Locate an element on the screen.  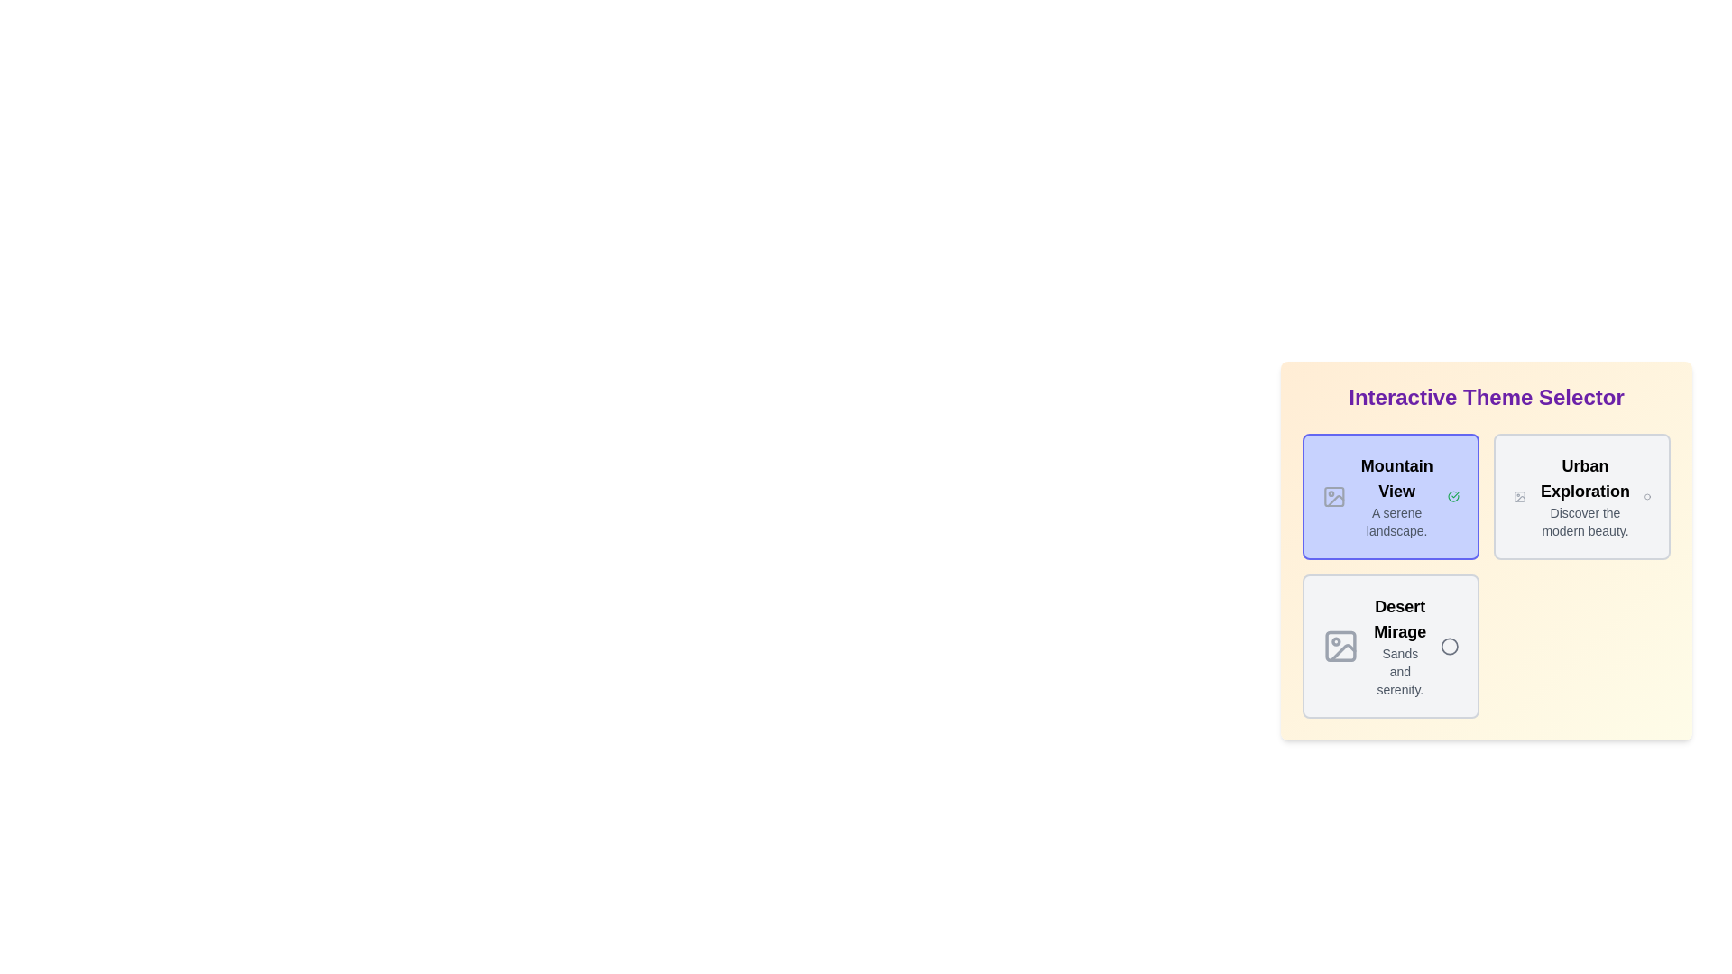
the chip labeled Desert Mirage is located at coordinates (1389, 646).